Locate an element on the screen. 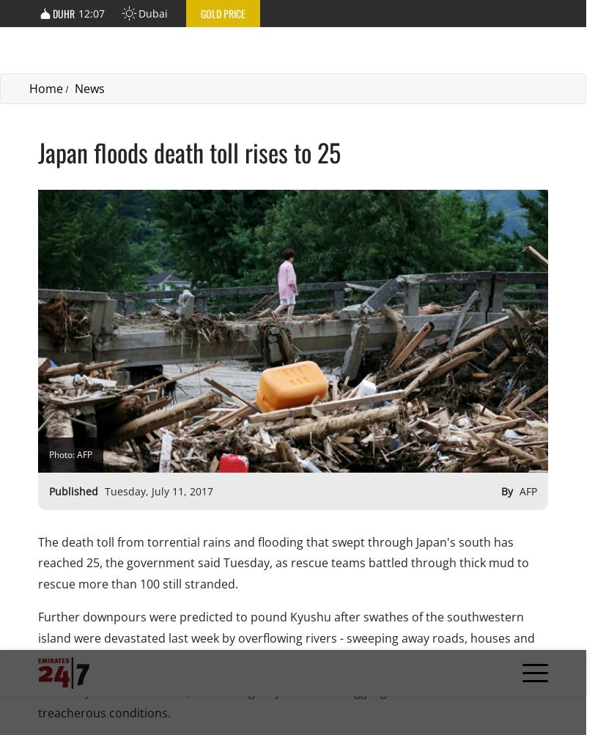 The width and height of the screenshot is (595, 735). 'Japan's weather agency on Tuesday warned of continued heavy rains in Kyushu.' is located at coordinates (258, 439).